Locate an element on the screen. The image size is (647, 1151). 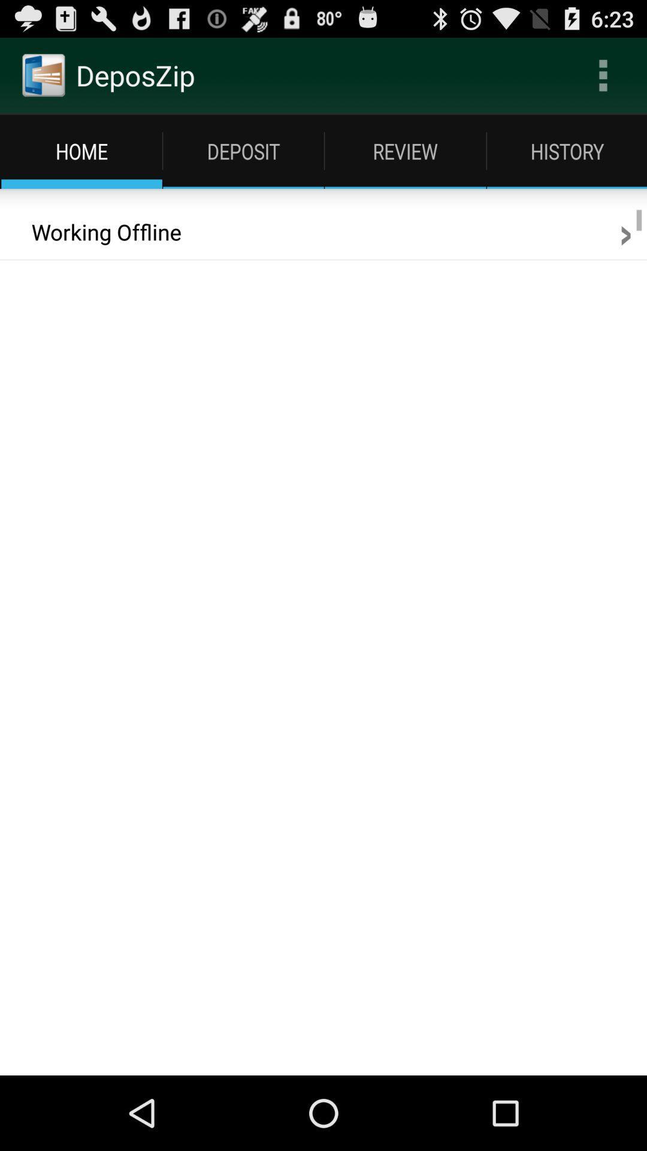
item to the left of the > icon is located at coordinates (98, 232).